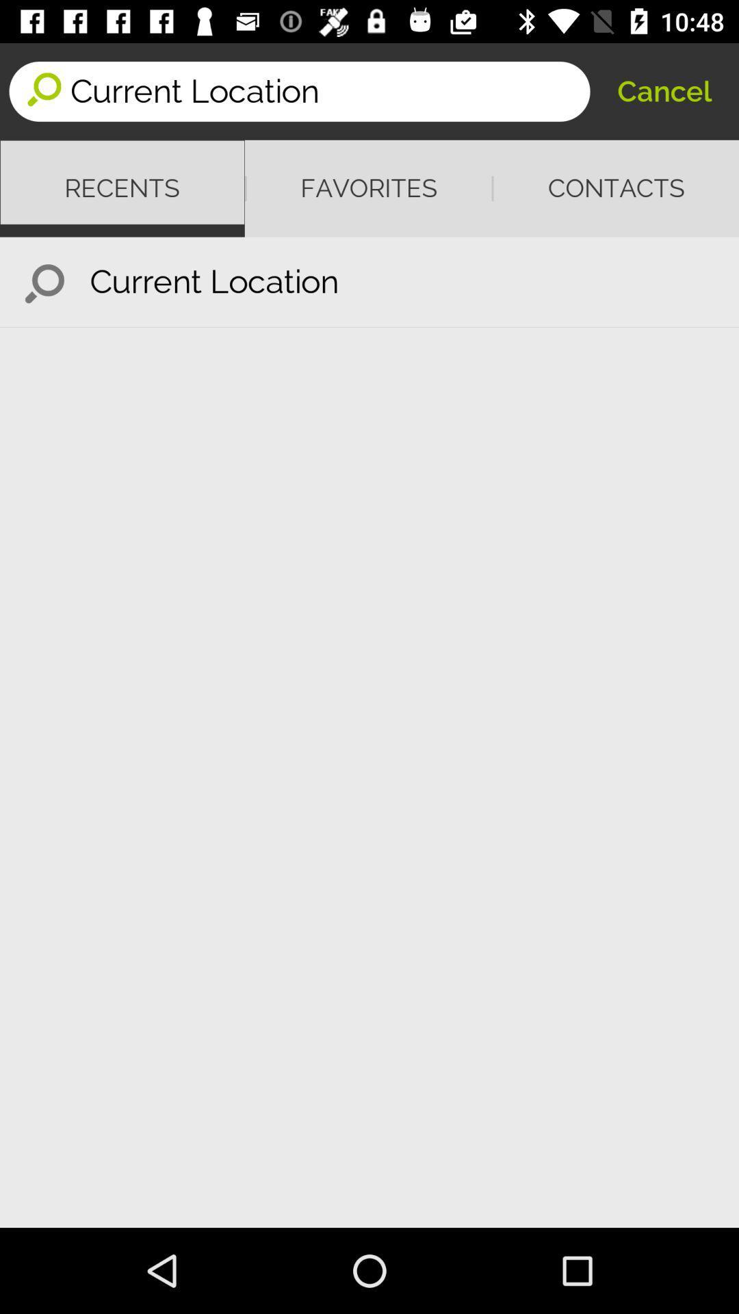 This screenshot has height=1314, width=739. Describe the element at coordinates (664, 90) in the screenshot. I see `the icon above contacts item` at that location.